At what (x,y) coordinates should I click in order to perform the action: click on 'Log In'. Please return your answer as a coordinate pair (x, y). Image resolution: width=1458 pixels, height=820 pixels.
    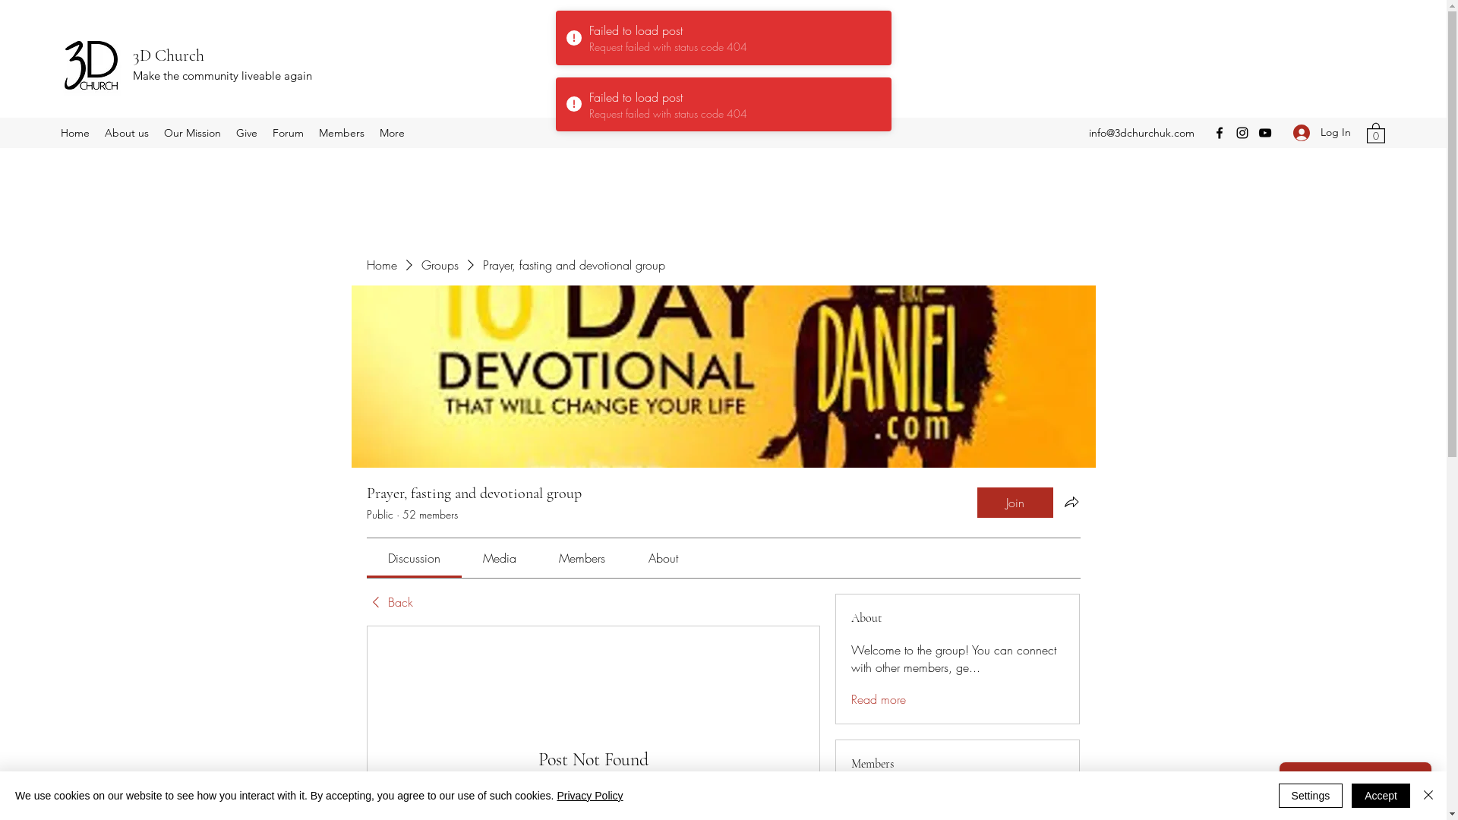
    Looking at the image, I should click on (1321, 131).